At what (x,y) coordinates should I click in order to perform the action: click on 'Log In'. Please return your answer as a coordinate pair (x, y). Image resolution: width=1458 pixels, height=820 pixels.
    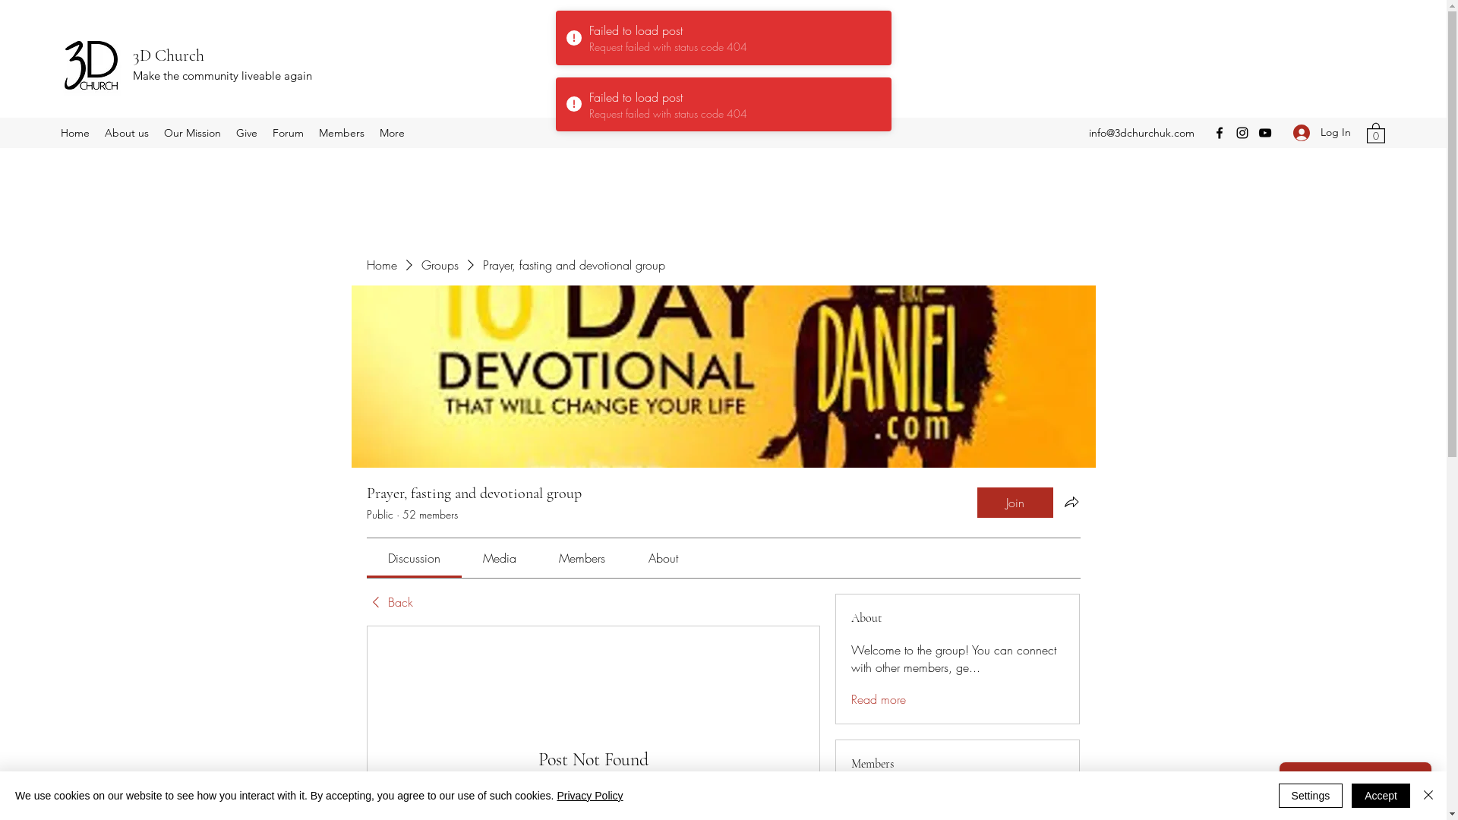
    Looking at the image, I should click on (1321, 131).